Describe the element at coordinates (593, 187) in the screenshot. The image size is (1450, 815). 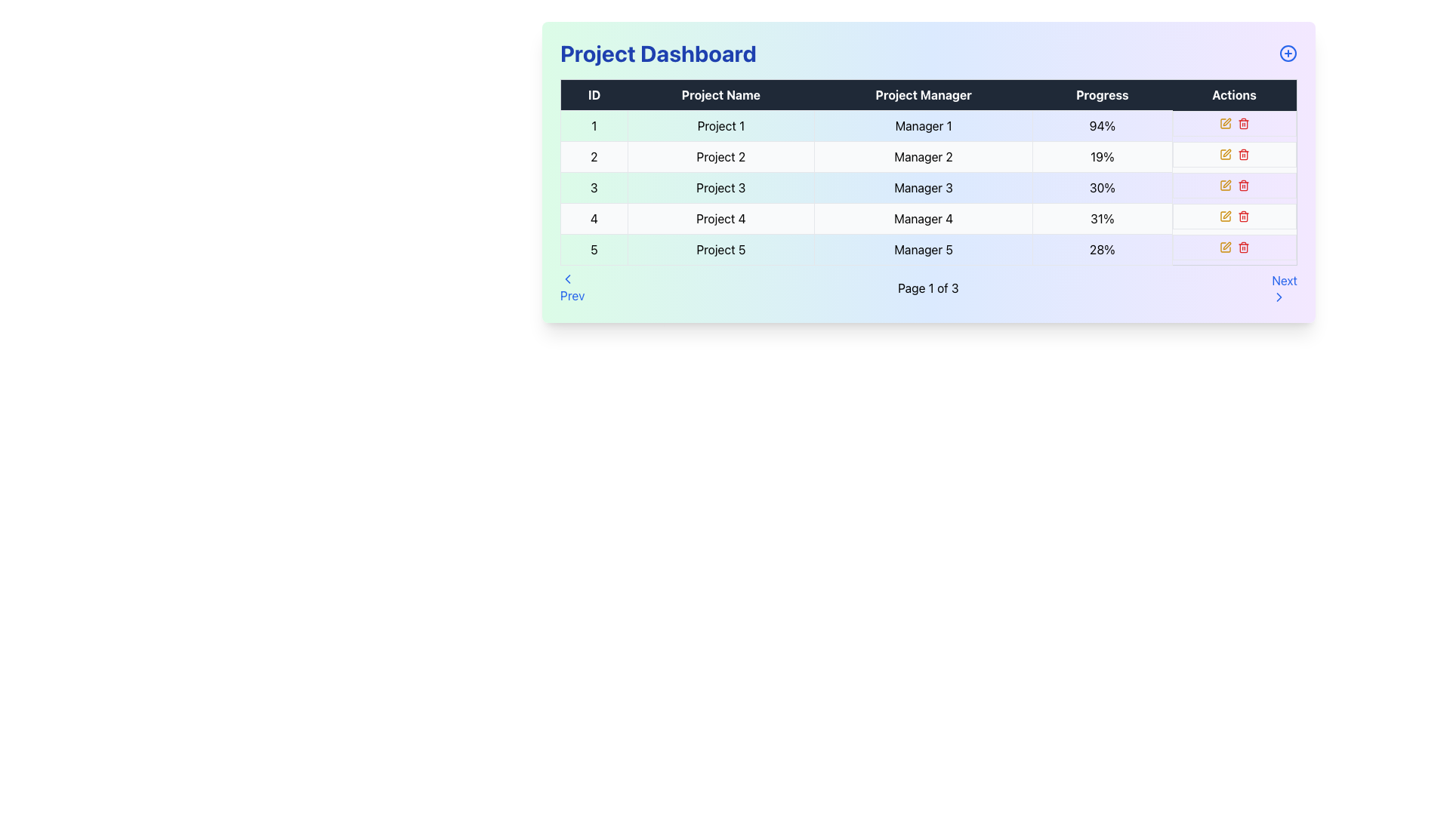
I see `the text label in the third row of the table under the 'ID' column that identifies 'Project 3'` at that location.